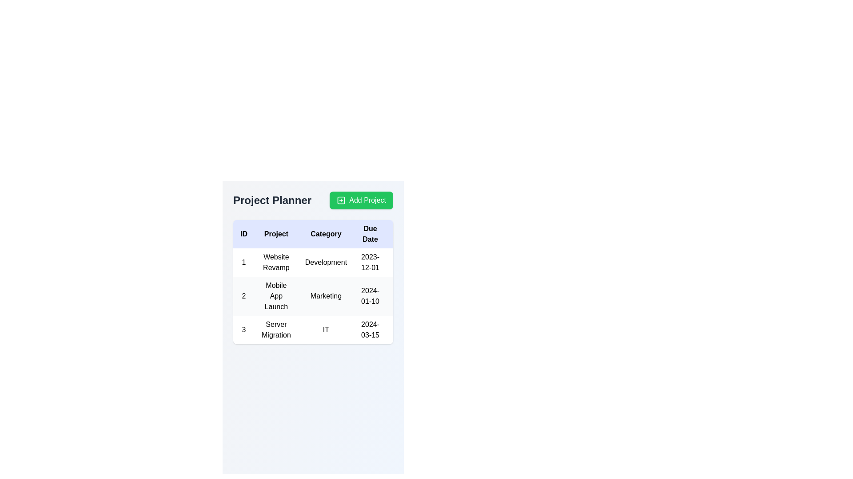  I want to click on 'Category' text label, which is the third column header in a table structure, displayed in black font against a light blue background, so click(326, 234).